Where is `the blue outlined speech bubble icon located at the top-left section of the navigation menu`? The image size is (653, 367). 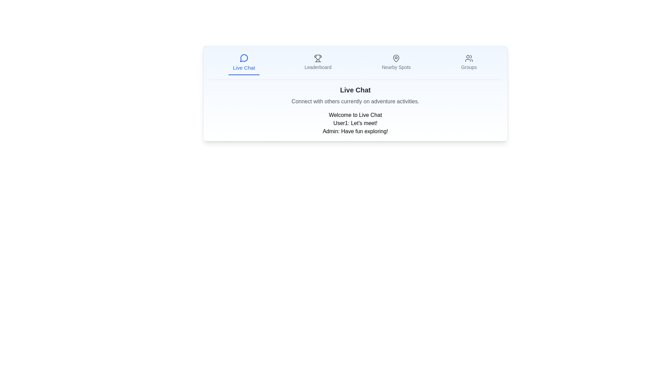 the blue outlined speech bubble icon located at the top-left section of the navigation menu is located at coordinates (244, 57).